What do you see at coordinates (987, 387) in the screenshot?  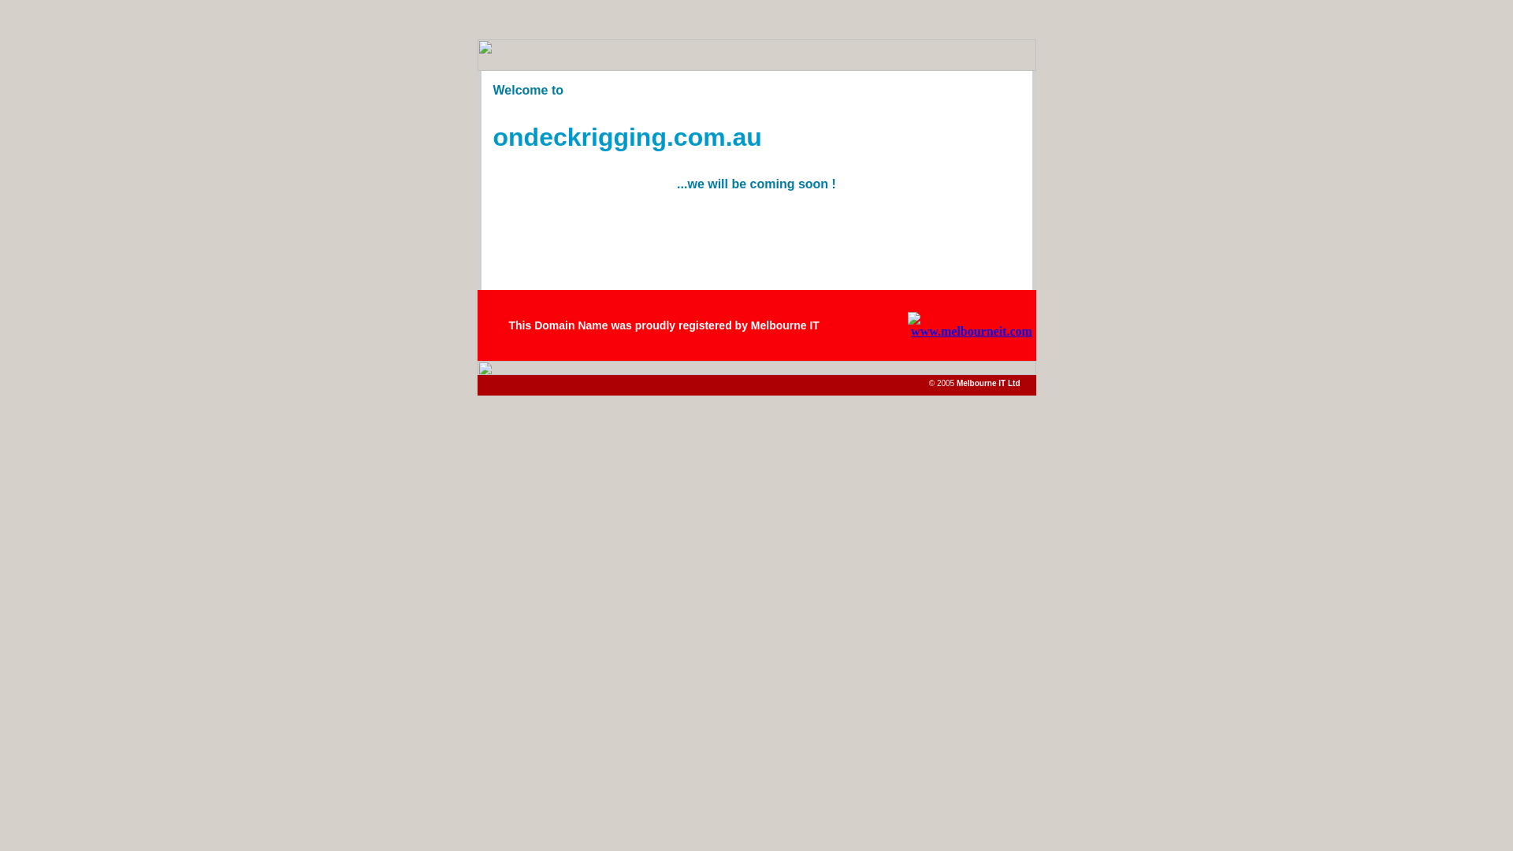 I see `'Melbourne IT Ltd'` at bounding box center [987, 387].